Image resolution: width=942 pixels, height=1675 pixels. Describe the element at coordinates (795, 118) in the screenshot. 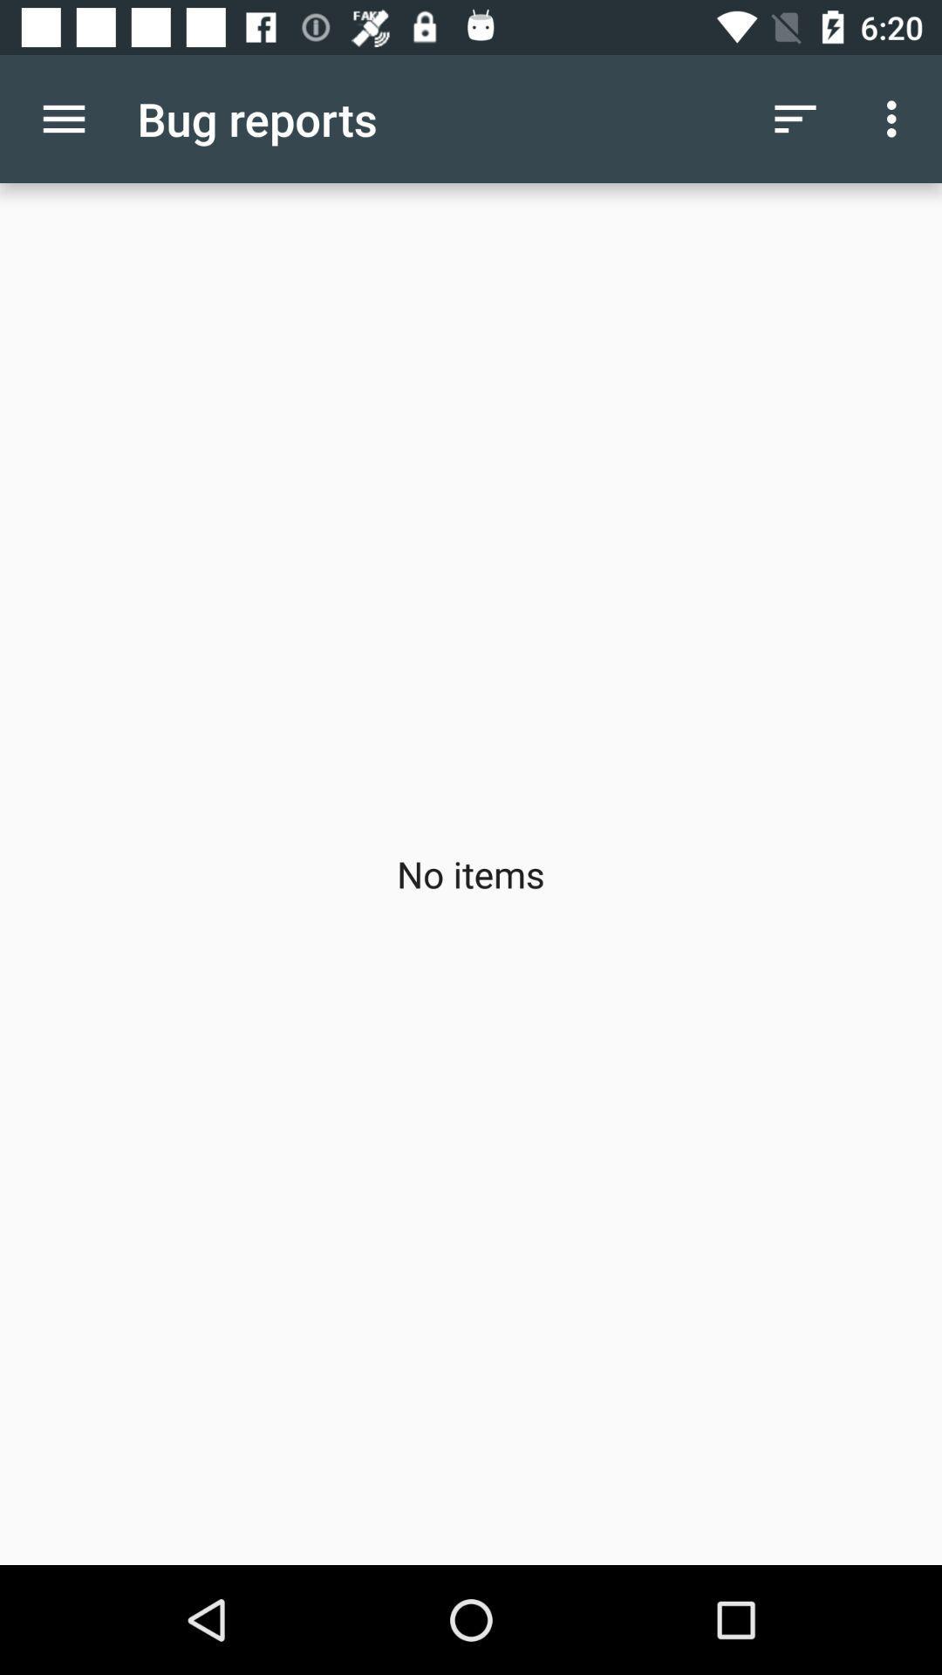

I see `item above no items app` at that location.